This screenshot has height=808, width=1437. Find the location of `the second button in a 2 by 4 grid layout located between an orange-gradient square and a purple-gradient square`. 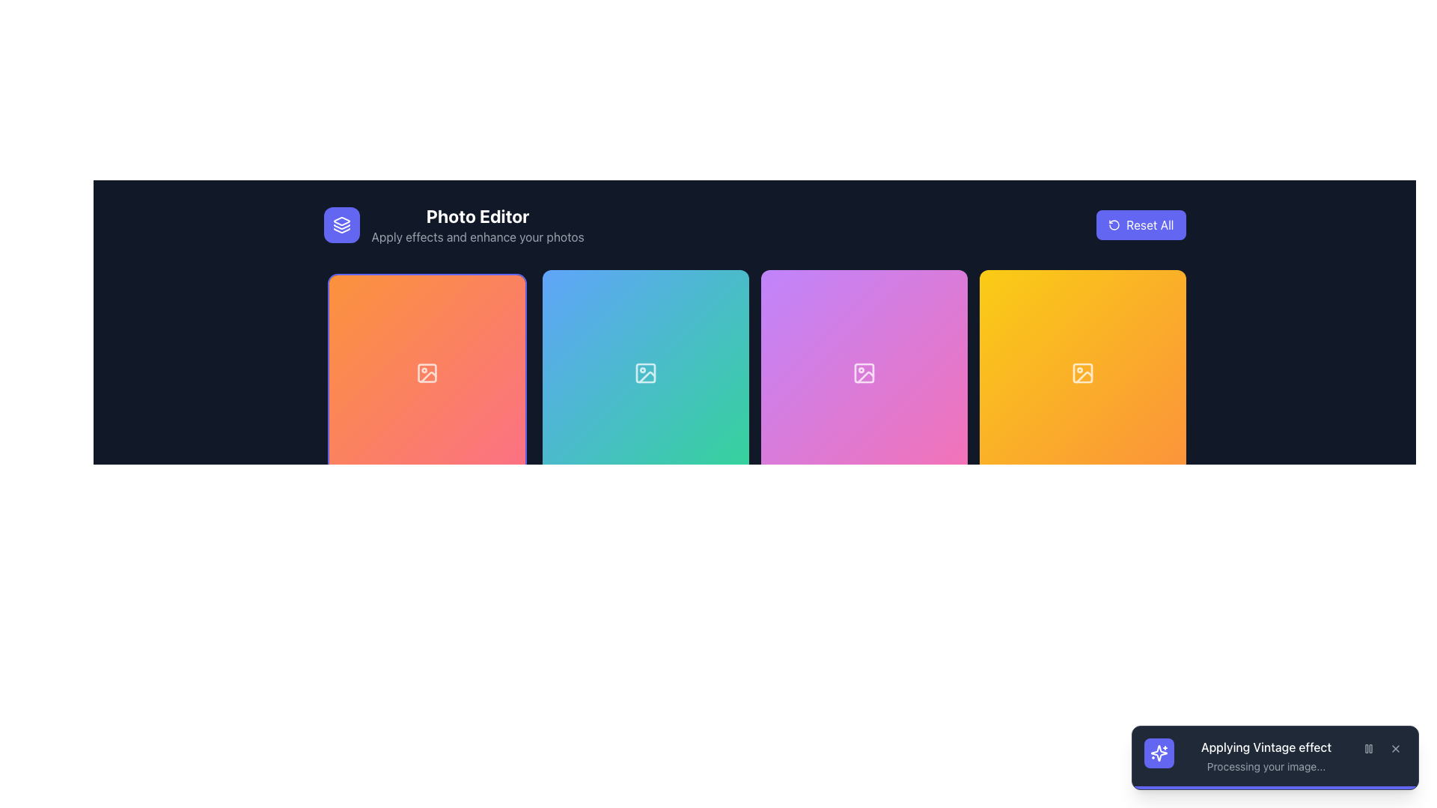

the second button in a 2 by 4 grid layout located between an orange-gradient square and a purple-gradient square is located at coordinates (645, 372).